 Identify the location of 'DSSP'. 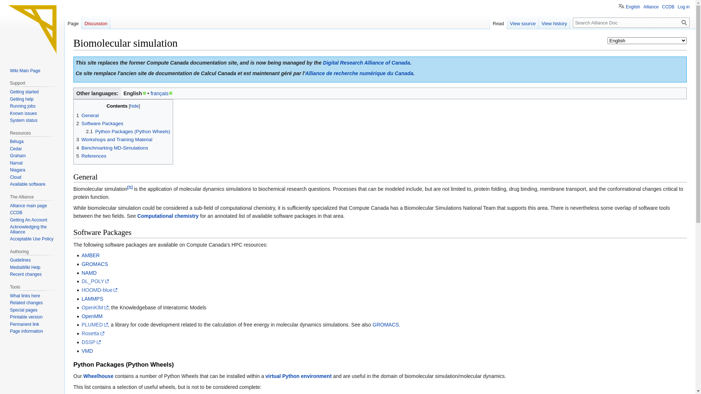
(91, 342).